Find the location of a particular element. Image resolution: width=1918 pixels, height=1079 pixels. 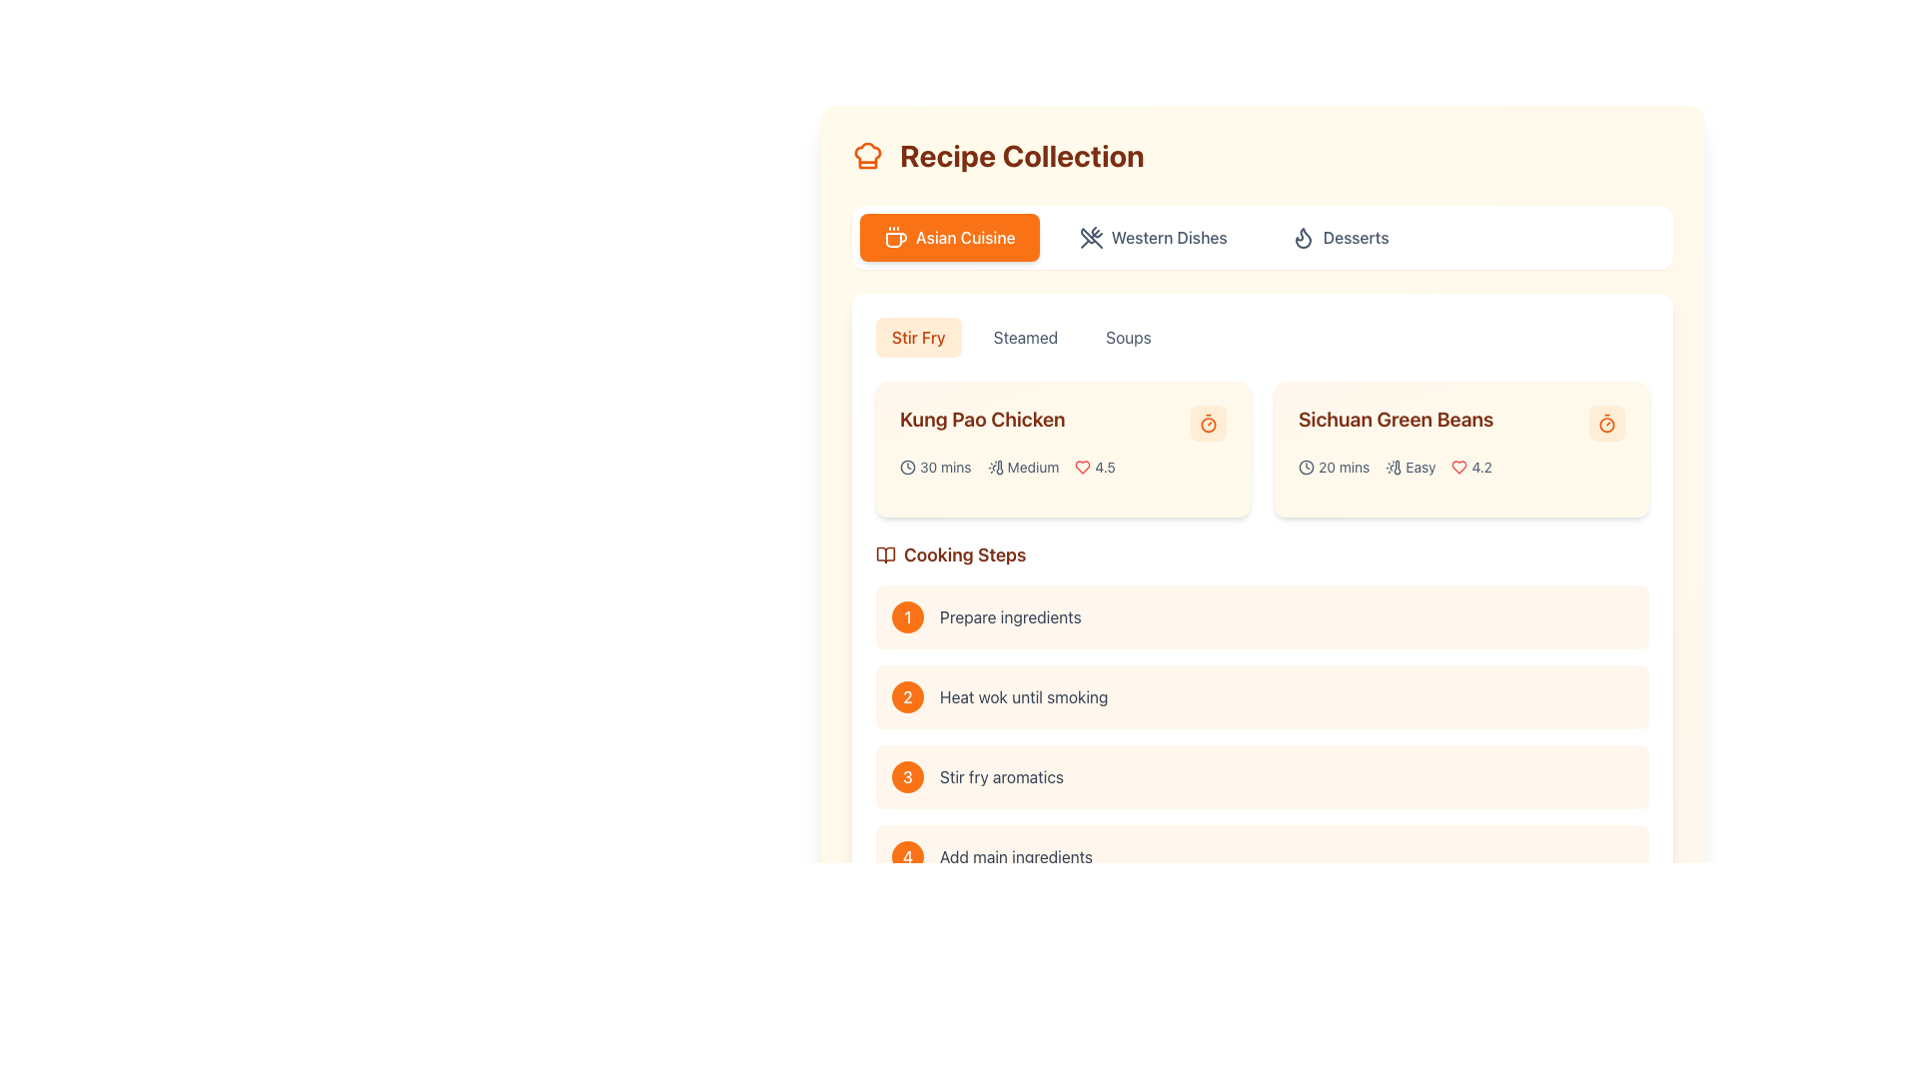

the icon button in the top-right corner of the 'Kung Pao Chicken' card is located at coordinates (1207, 423).